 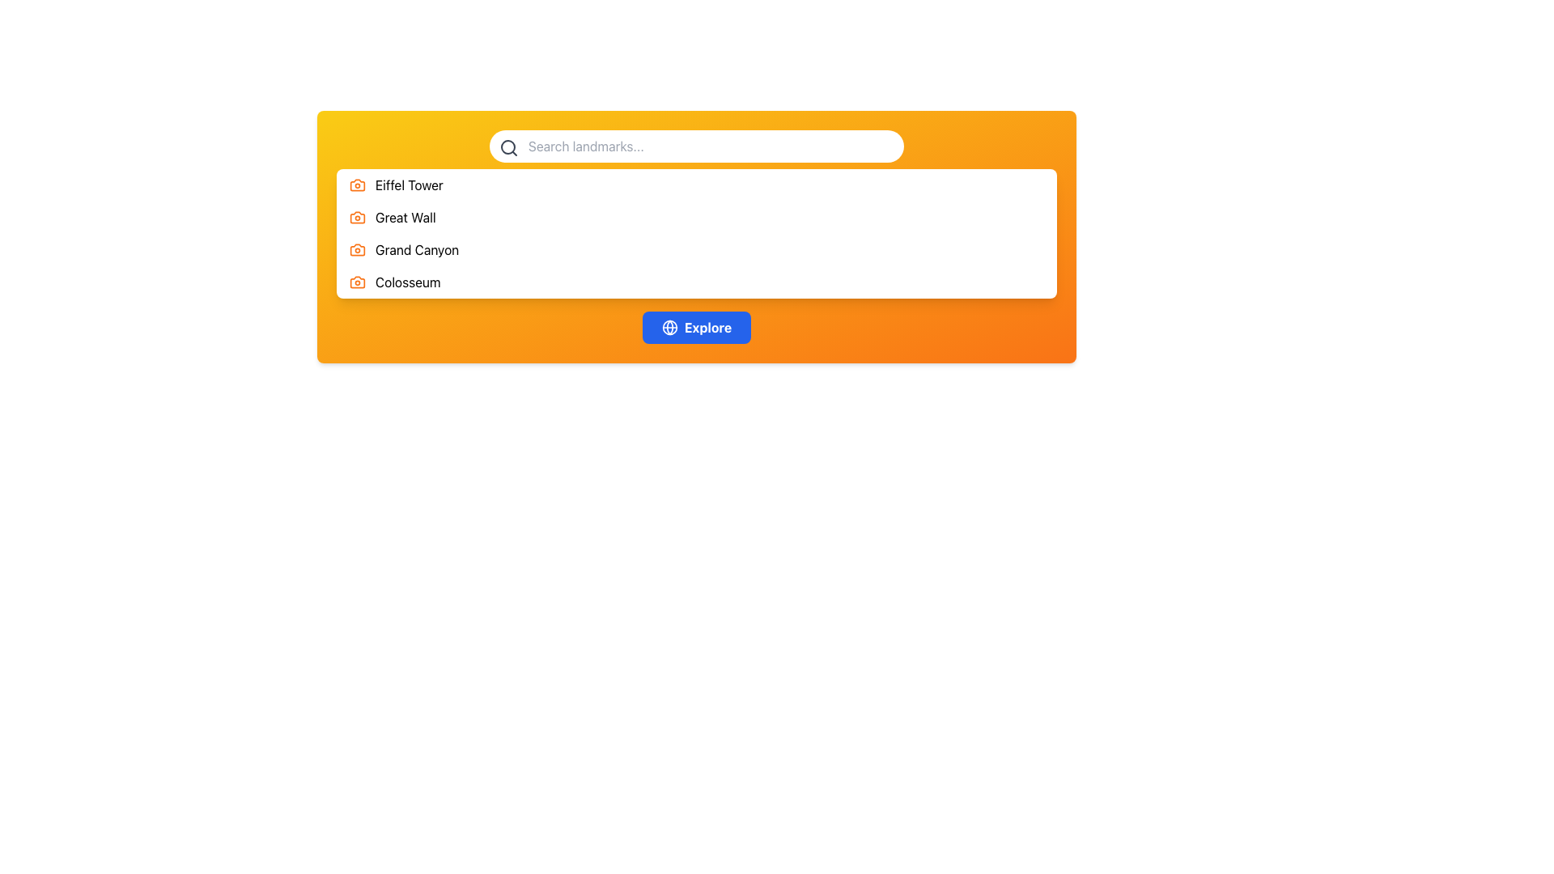 I want to click on the central circle of the SVG graphic representing the search icon, so click(x=507, y=146).